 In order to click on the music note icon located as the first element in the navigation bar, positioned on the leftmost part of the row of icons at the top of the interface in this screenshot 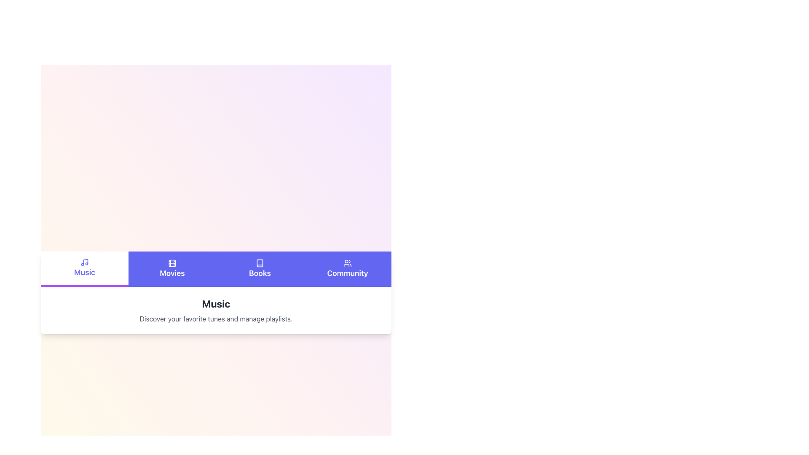, I will do `click(86, 261)`.